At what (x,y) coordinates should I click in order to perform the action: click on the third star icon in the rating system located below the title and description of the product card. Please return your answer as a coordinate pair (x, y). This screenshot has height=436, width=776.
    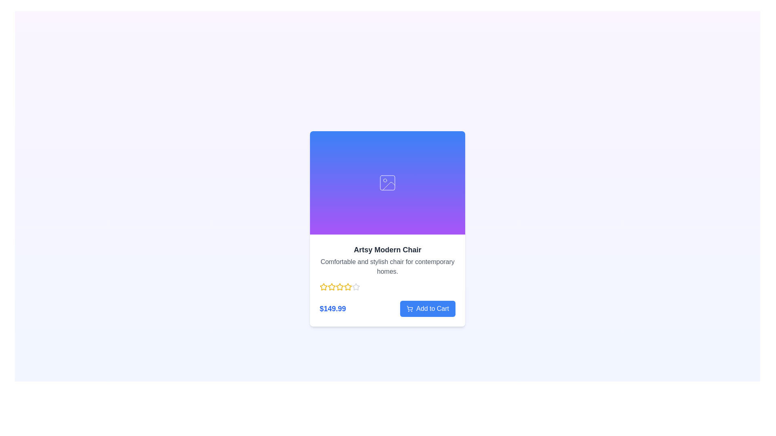
    Looking at the image, I should click on (339, 286).